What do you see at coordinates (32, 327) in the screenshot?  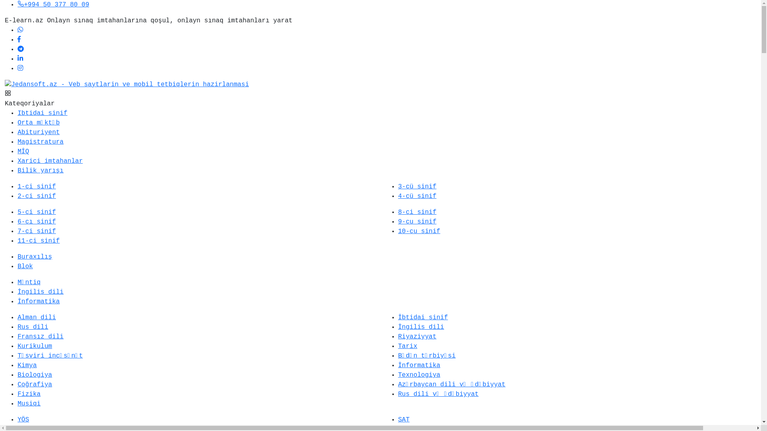 I see `'Rus dili'` at bounding box center [32, 327].